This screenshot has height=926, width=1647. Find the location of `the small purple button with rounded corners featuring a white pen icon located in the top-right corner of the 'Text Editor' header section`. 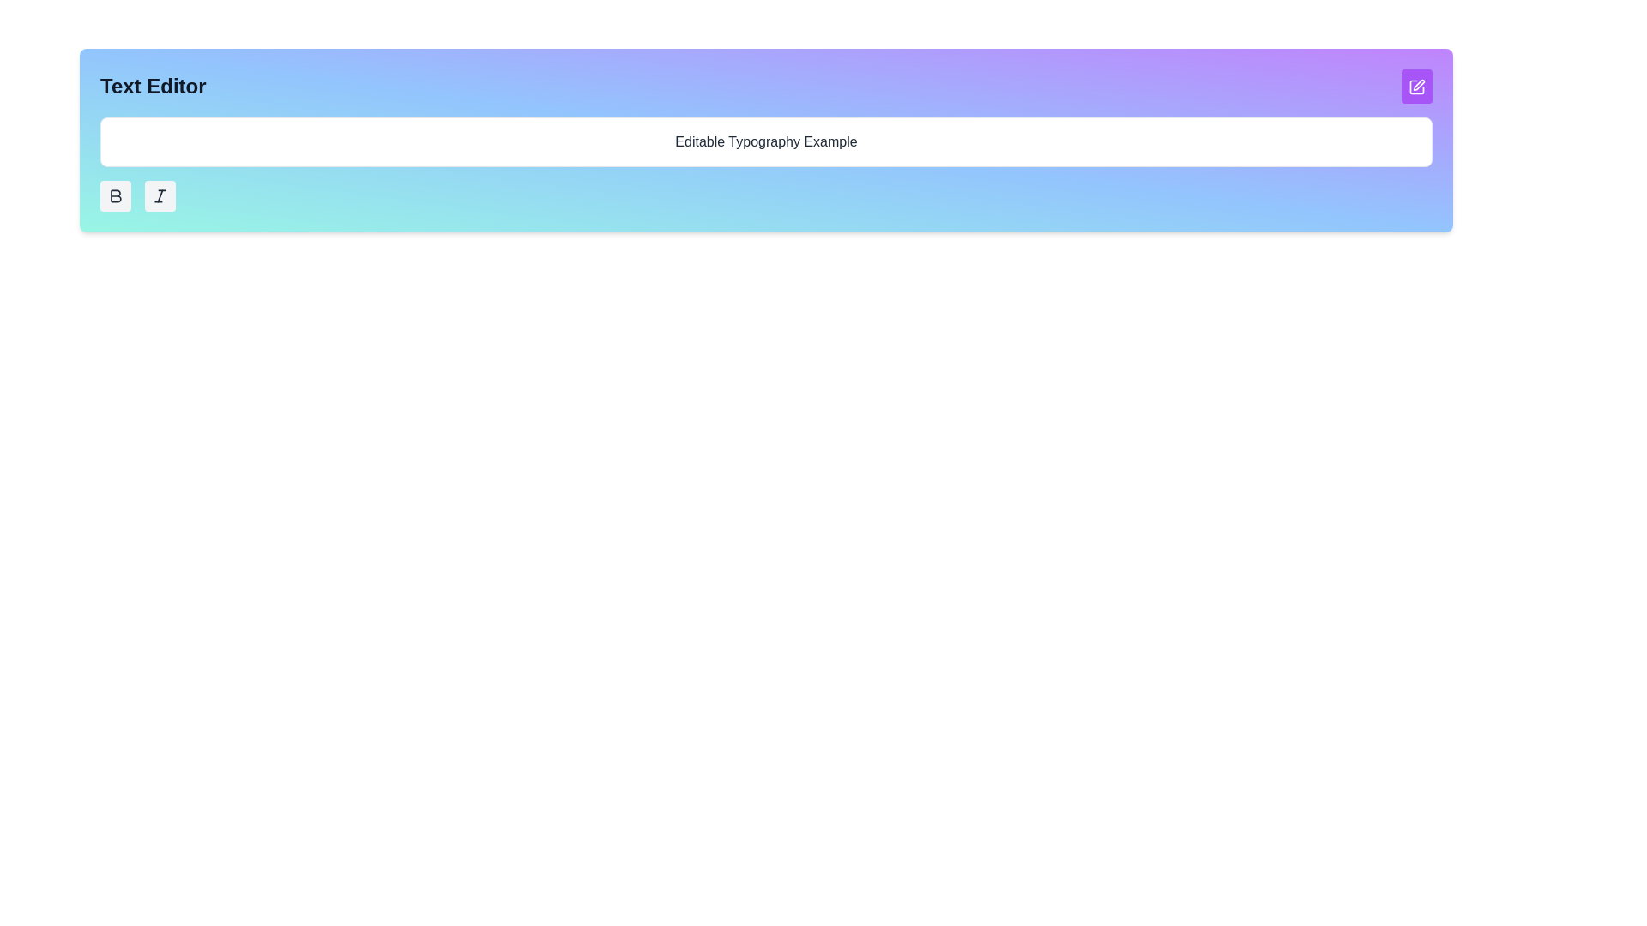

the small purple button with rounded corners featuring a white pen icon located in the top-right corner of the 'Text Editor' header section is located at coordinates (1416, 86).